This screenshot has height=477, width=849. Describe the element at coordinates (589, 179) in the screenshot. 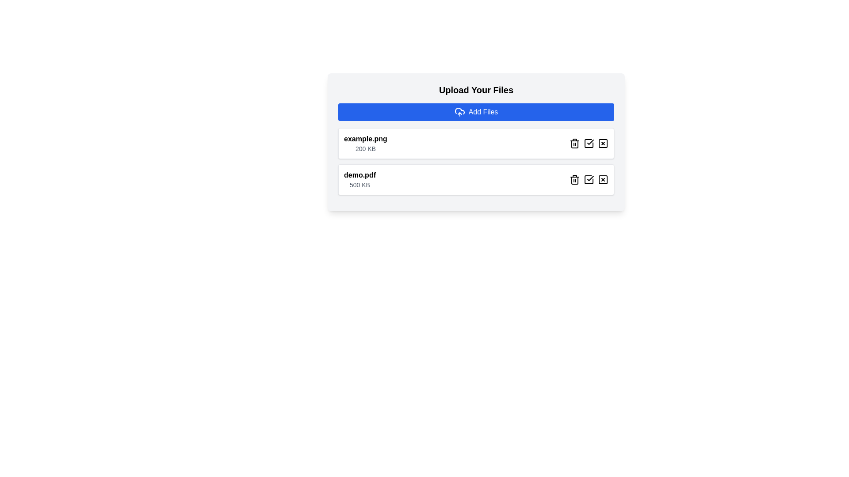

I see `the checkbox located towards the right end of the row containing the file 'example.png'` at that location.